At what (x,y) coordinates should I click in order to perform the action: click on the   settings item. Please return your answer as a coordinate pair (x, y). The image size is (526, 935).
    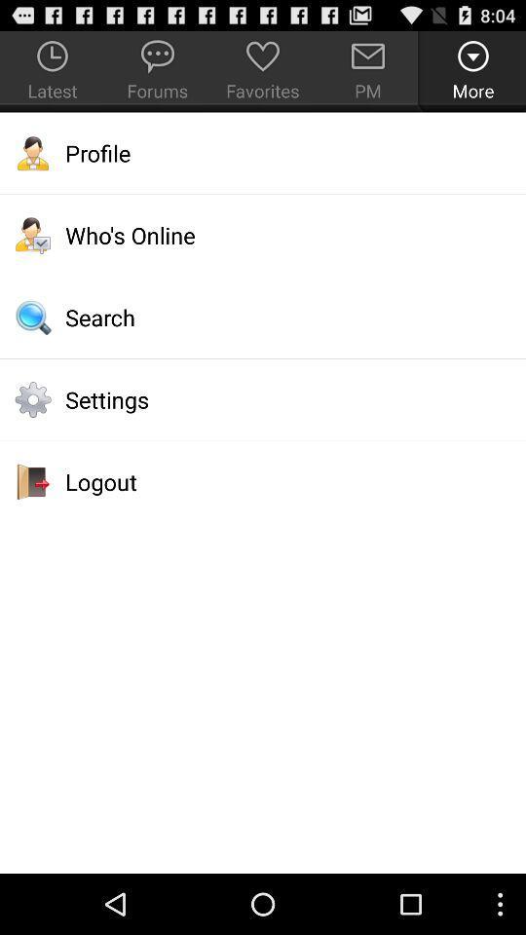
    Looking at the image, I should click on (263, 398).